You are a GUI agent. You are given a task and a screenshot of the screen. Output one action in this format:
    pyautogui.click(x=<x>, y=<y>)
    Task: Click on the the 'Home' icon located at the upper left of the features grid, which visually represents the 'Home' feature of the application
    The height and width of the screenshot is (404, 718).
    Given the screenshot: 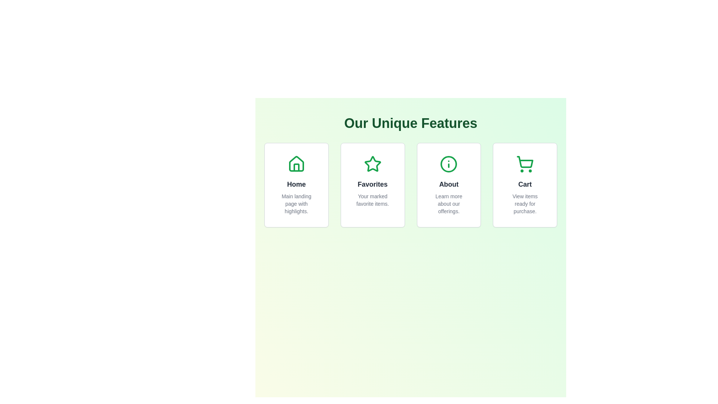 What is the action you would take?
    pyautogui.click(x=296, y=163)
    